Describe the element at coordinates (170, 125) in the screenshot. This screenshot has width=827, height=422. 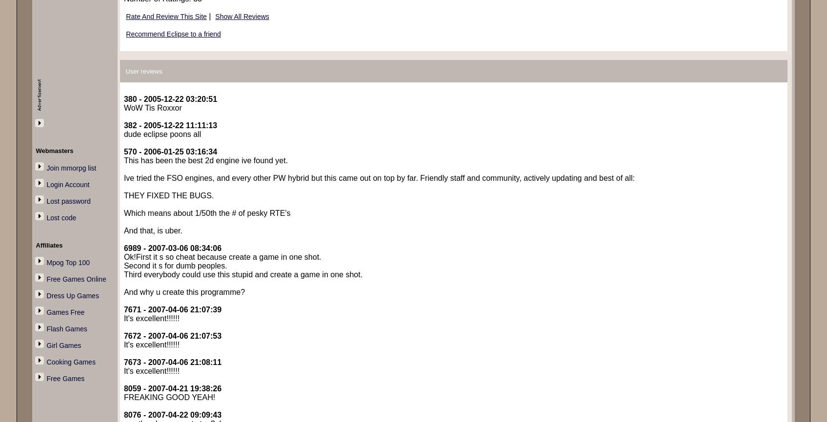
I see `'382 - 2005-12-22 11:11:13'` at that location.